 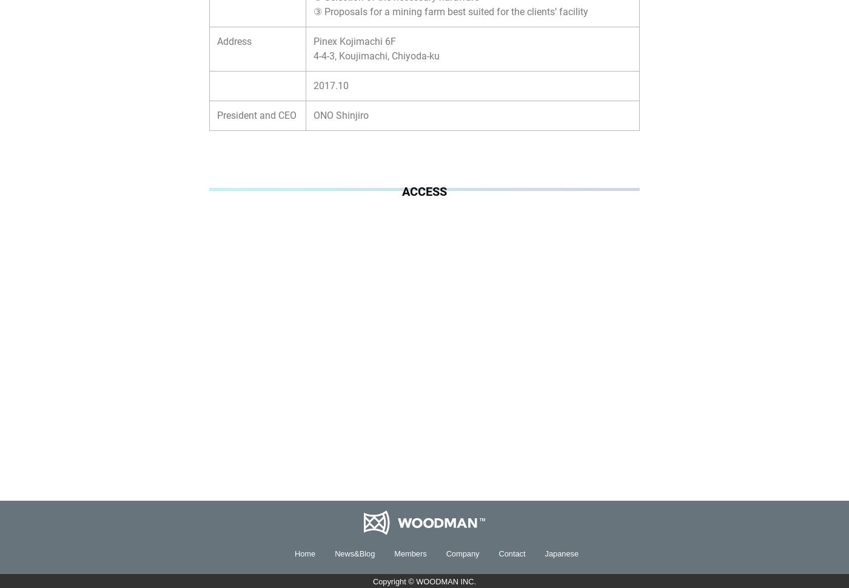 I want to click on 'Address', so click(x=216, y=41).